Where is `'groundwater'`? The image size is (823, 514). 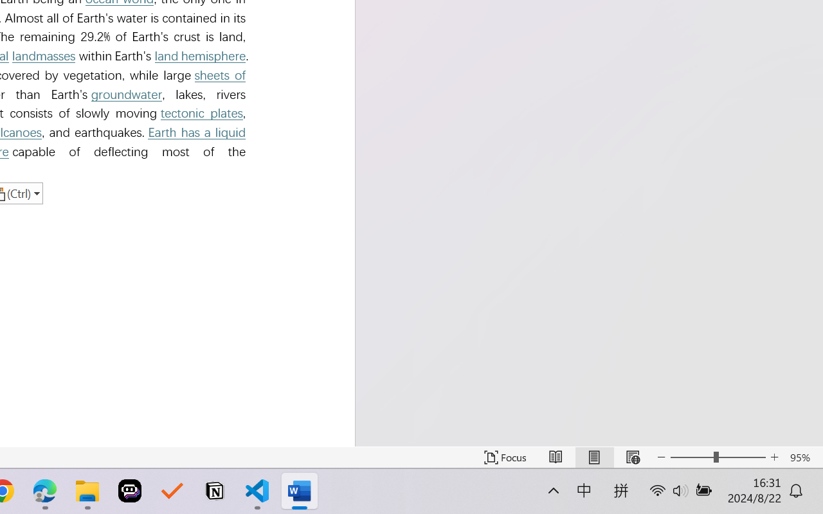
'groundwater' is located at coordinates (127, 94).